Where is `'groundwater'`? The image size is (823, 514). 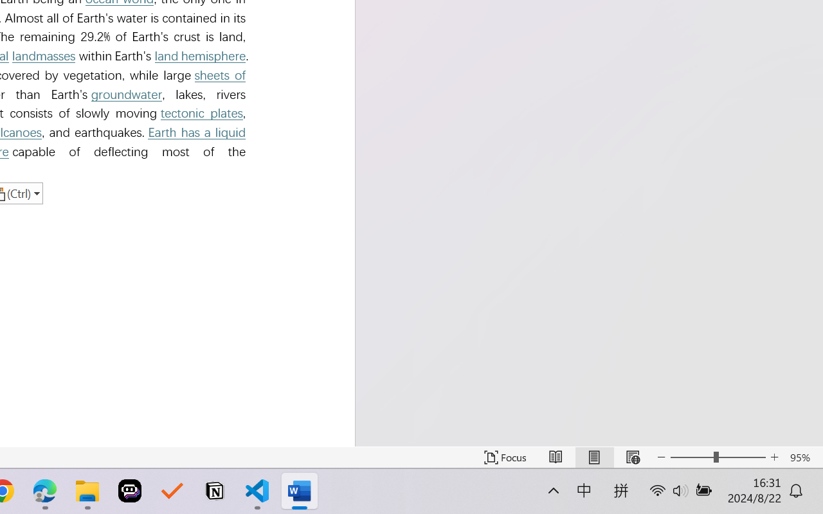
'groundwater' is located at coordinates (127, 94).